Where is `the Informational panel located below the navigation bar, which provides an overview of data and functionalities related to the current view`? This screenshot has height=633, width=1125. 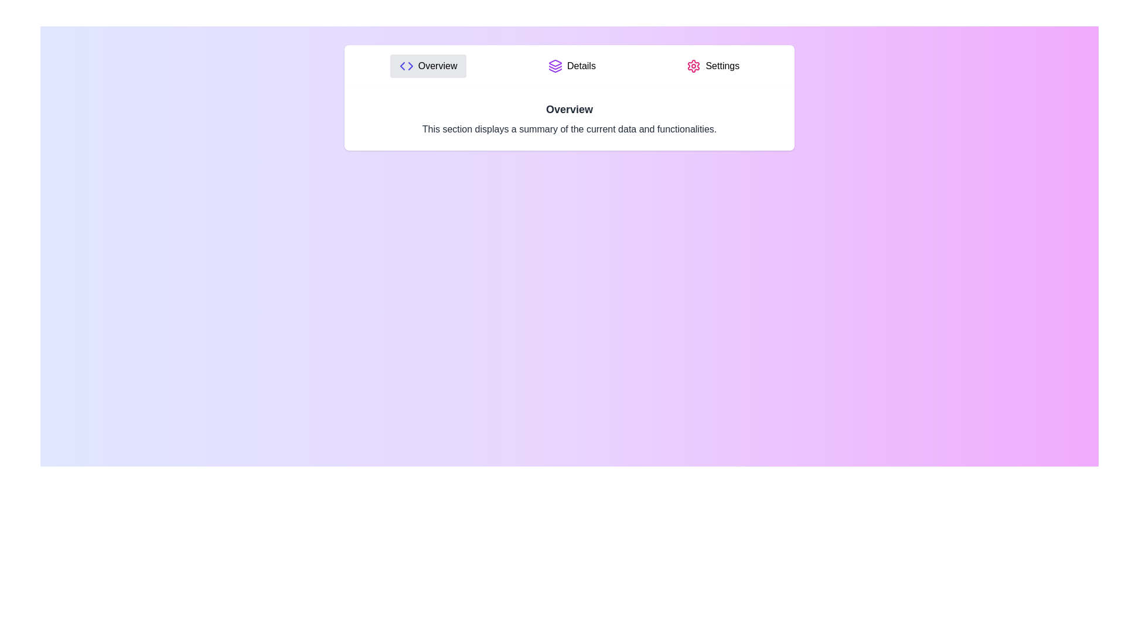 the Informational panel located below the navigation bar, which provides an overview of data and functionalities related to the current view is located at coordinates (569, 119).